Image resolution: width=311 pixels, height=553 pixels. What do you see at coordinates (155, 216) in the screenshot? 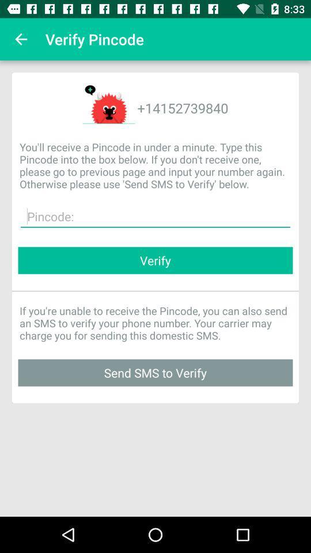
I see `icon above verify` at bounding box center [155, 216].